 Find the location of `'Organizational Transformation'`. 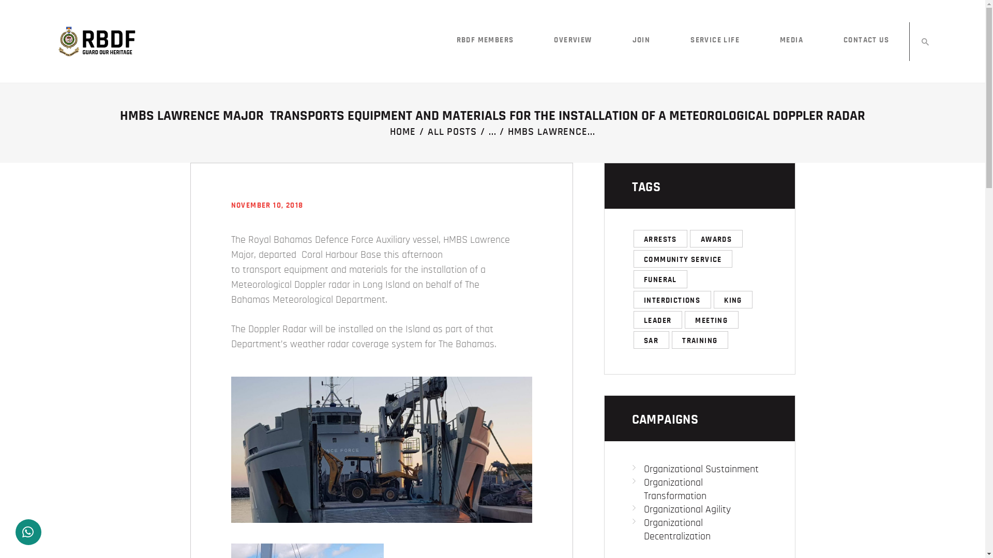

'Organizational Transformation' is located at coordinates (674, 489).